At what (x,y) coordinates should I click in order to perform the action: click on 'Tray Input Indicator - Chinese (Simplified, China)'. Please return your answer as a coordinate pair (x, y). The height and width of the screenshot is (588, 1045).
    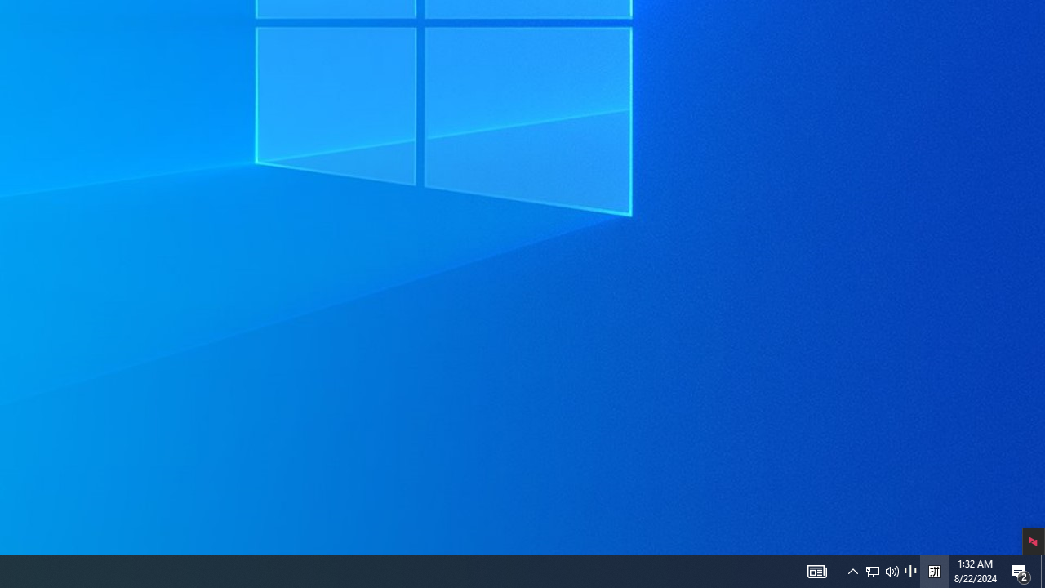
    Looking at the image, I should click on (881, 570).